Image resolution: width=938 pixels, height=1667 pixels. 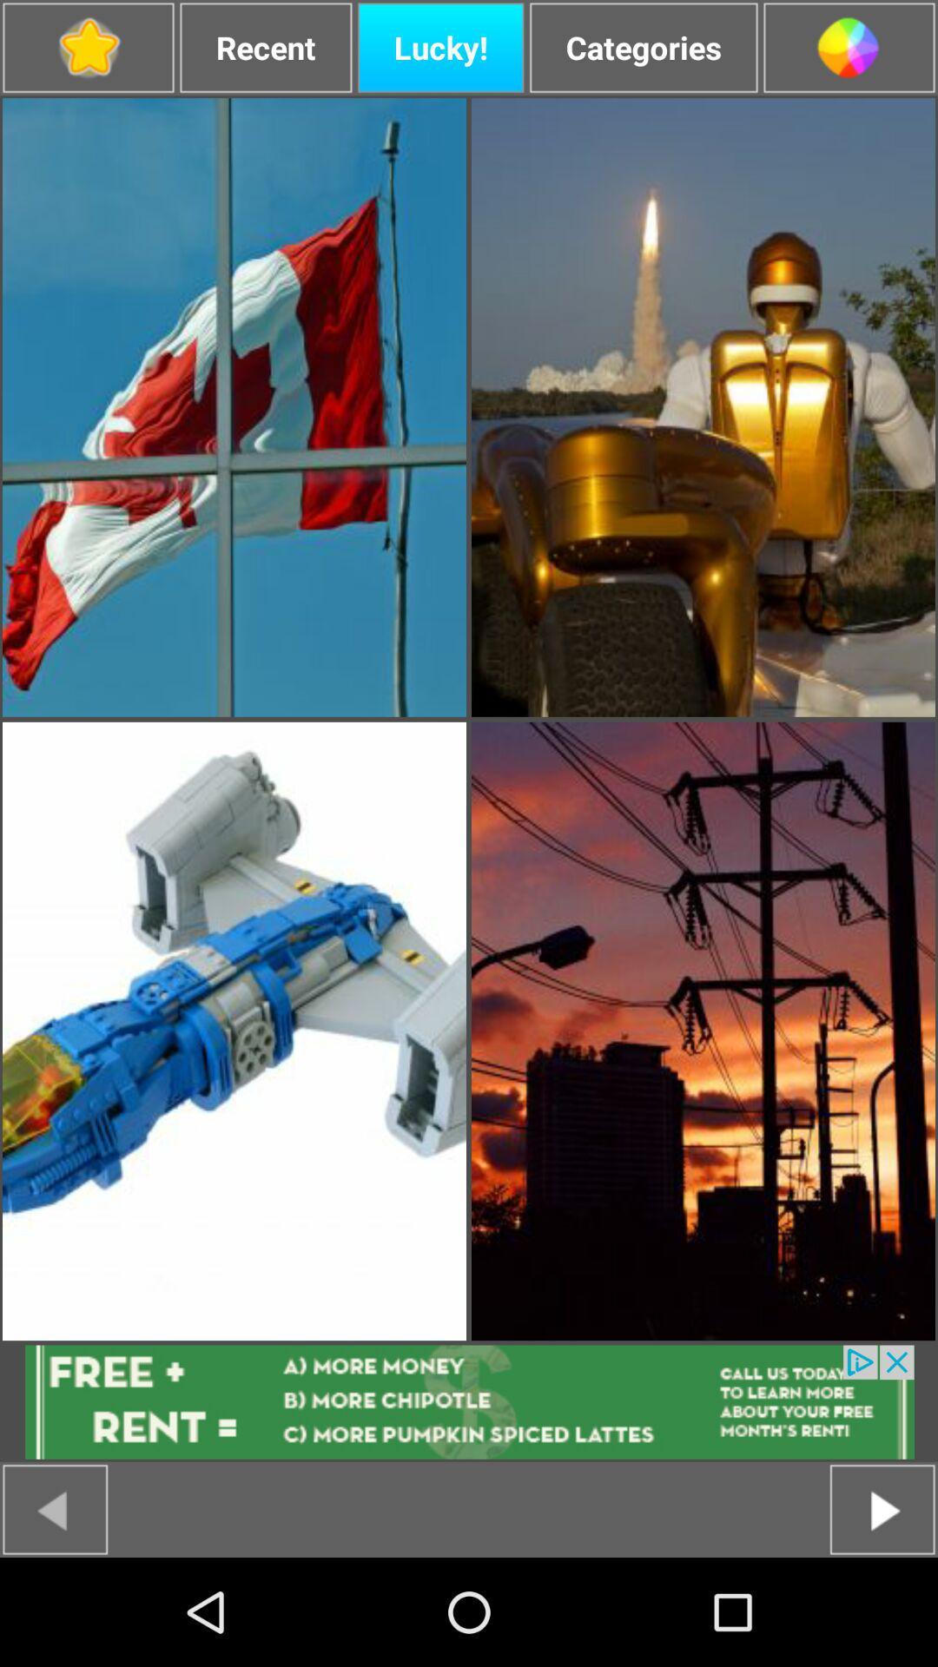 I want to click on the arrow_backward icon, so click(x=54, y=1615).